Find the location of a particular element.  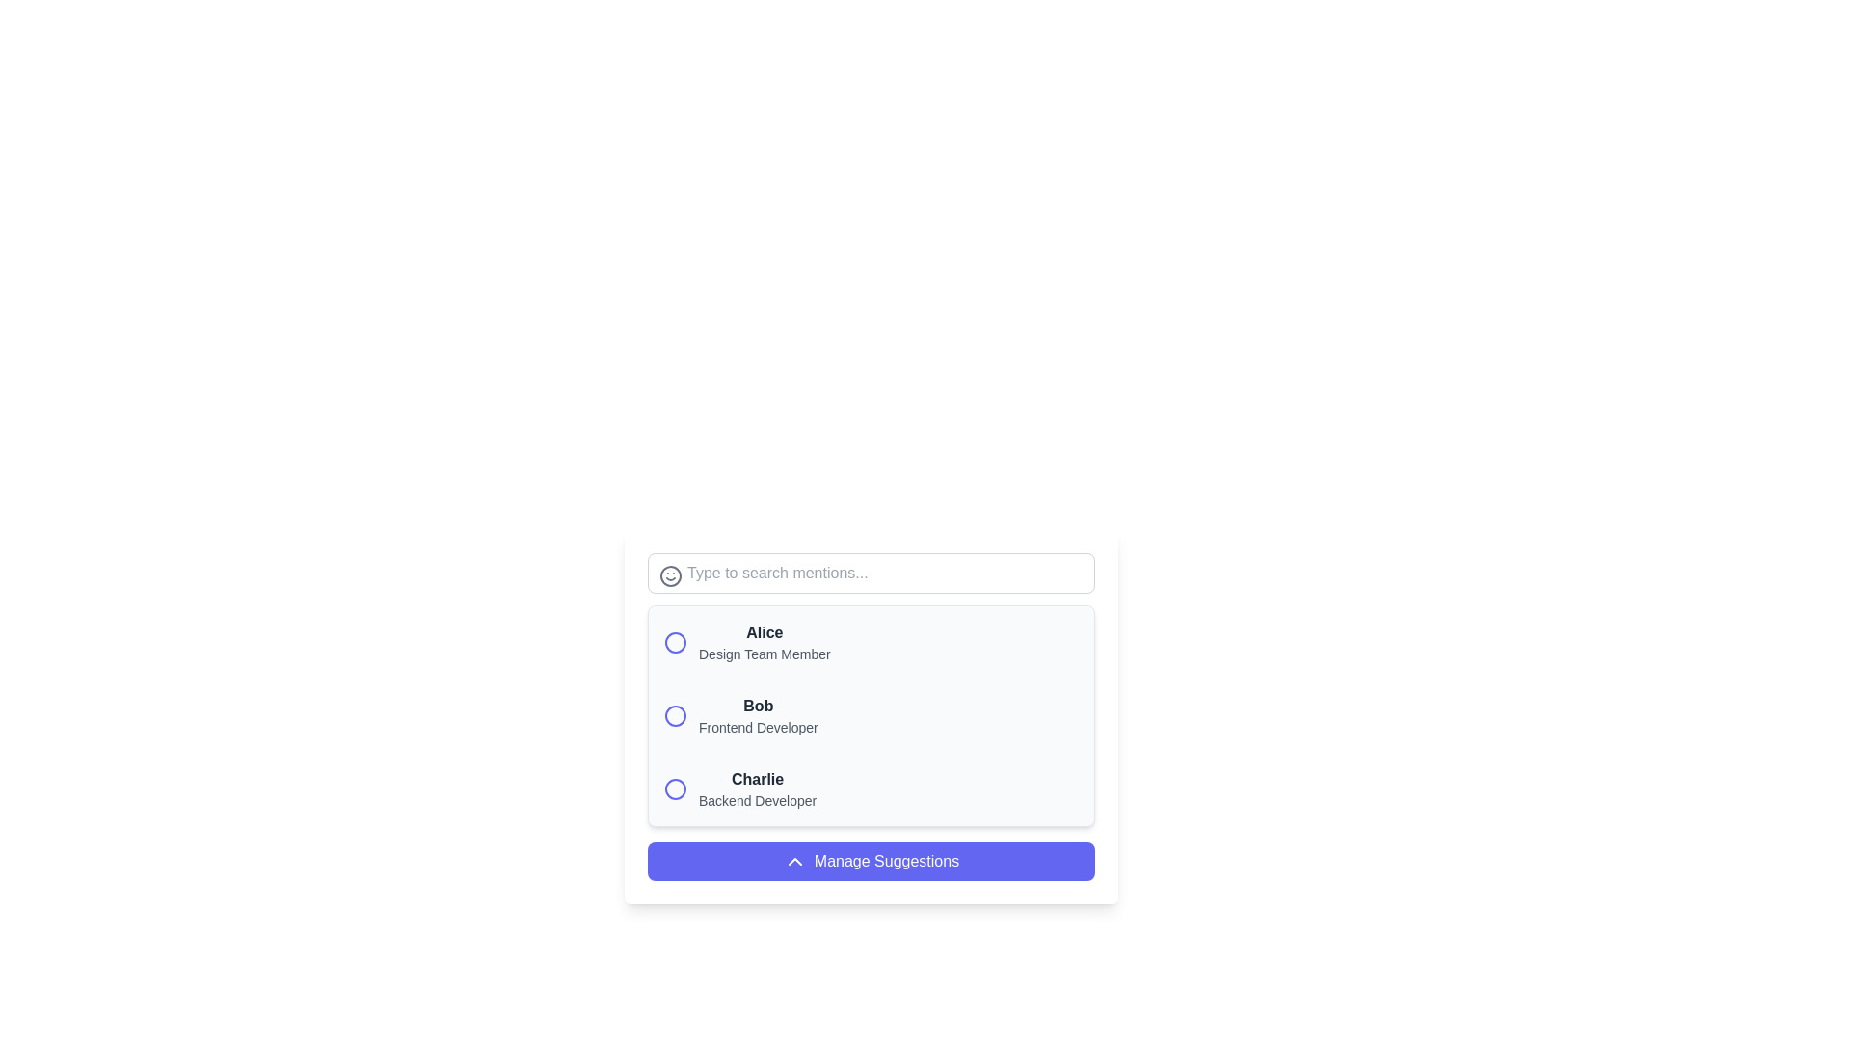

the list item representing the team member Bob, who is a Frontend Developer, located in the dropdown panel below the search input and above the 'Manage Suggestions' button is located at coordinates (870, 716).